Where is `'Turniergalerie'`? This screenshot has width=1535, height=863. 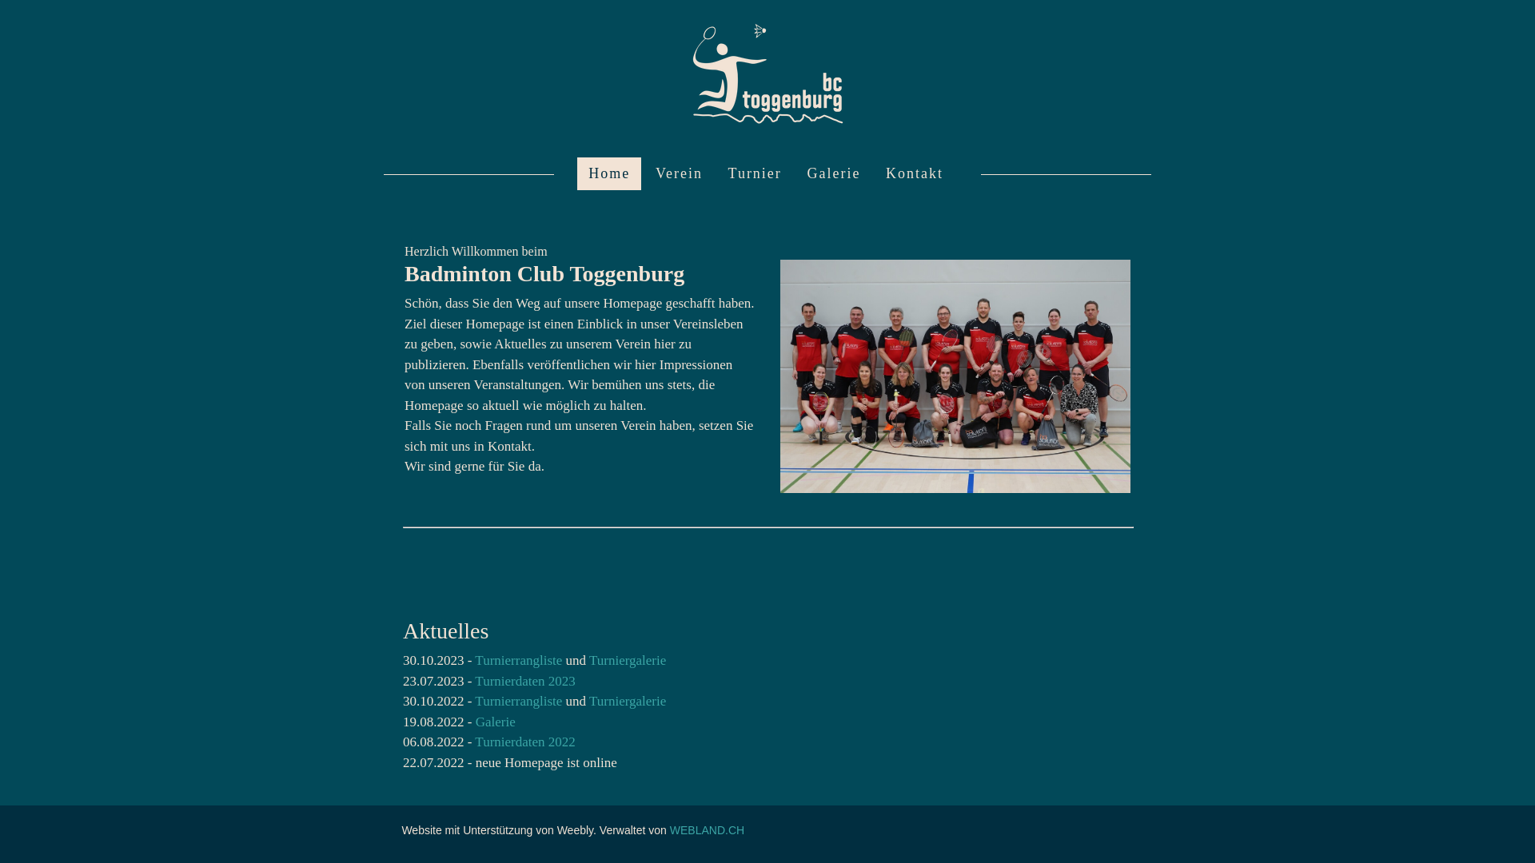
'Turniergalerie' is located at coordinates (588, 700).